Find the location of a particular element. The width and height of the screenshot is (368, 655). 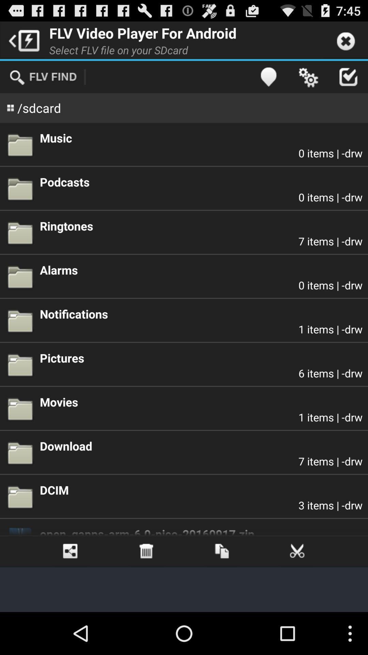

item below 6 items | -drw item is located at coordinates (201, 402).